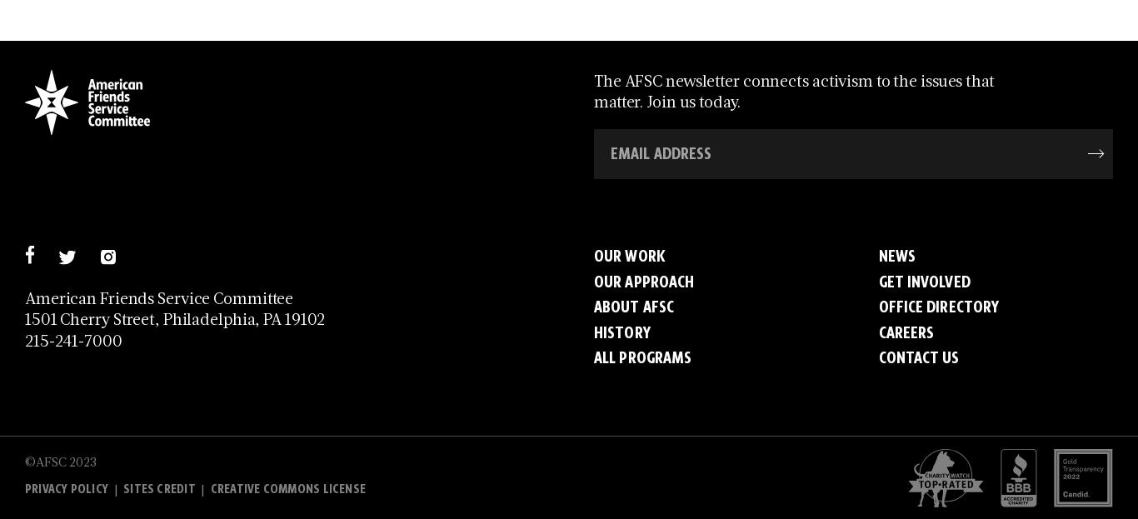 This screenshot has width=1138, height=519. What do you see at coordinates (60, 459) in the screenshot?
I see `'©AFSC 2023'` at bounding box center [60, 459].